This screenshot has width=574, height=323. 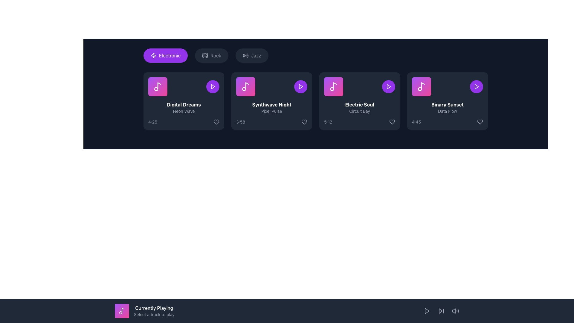 What do you see at coordinates (389, 86) in the screenshot?
I see `the play button located to the right of the text 'Electric Soul', which is the third button from the left in its row` at bounding box center [389, 86].